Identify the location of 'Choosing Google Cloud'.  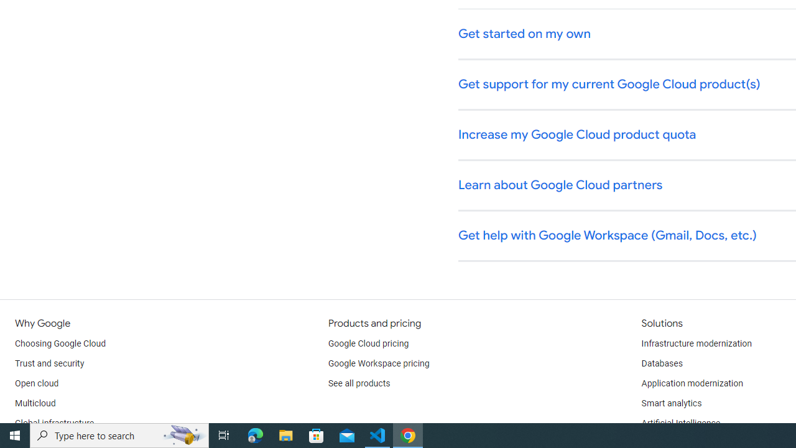
(60, 343).